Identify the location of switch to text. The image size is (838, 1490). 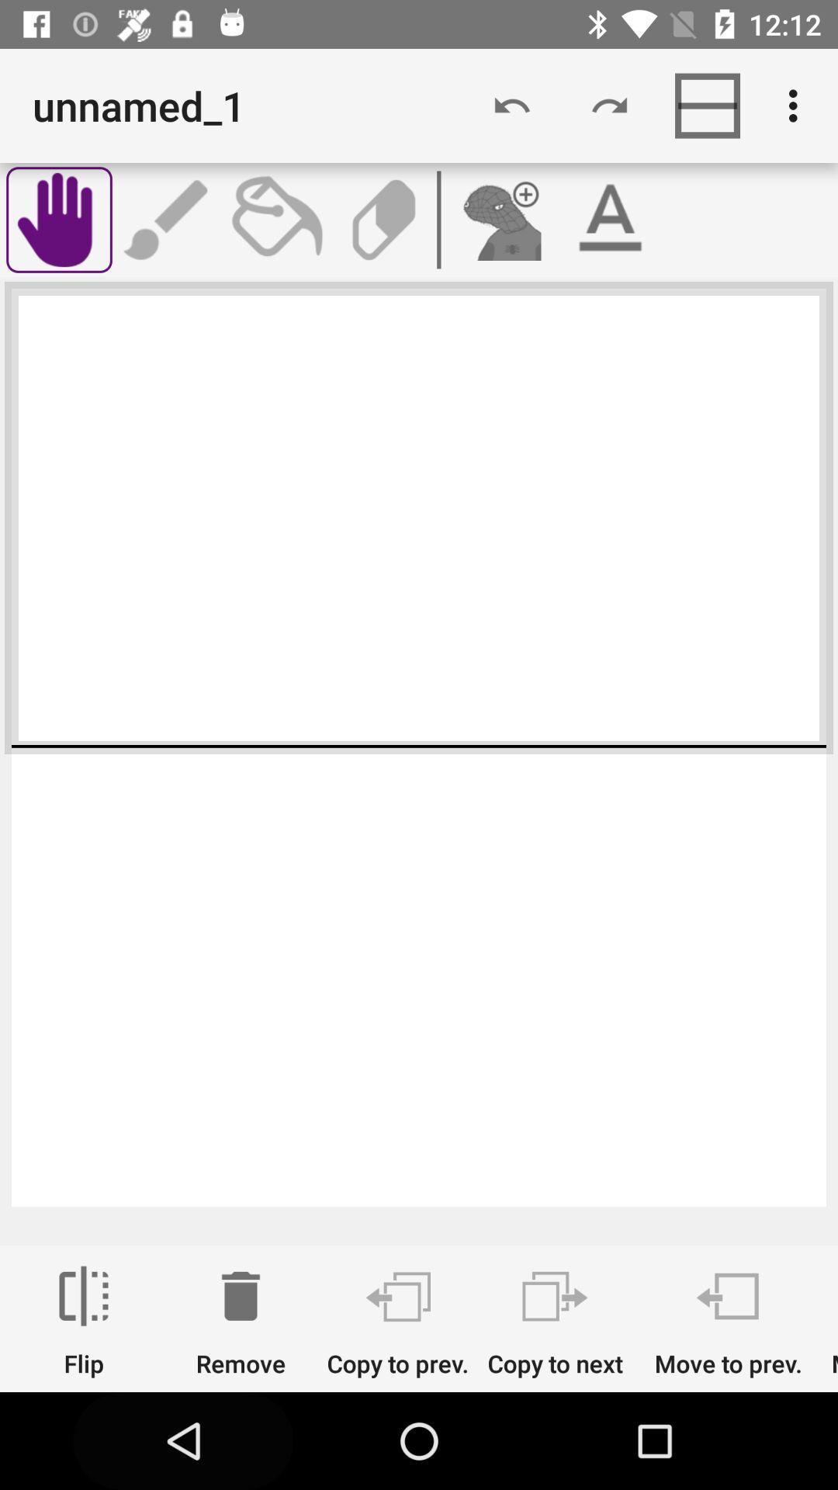
(609, 219).